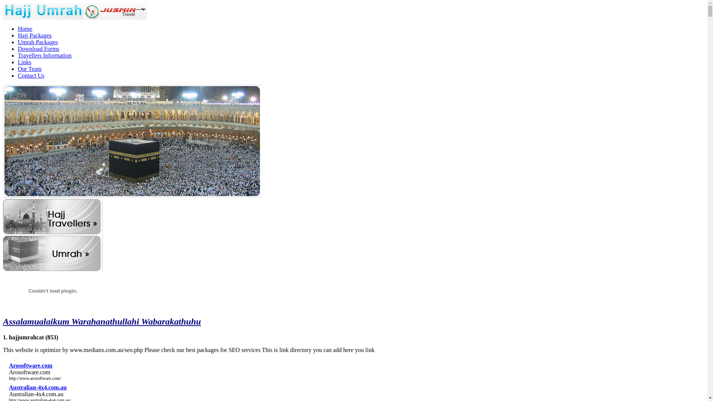 This screenshot has width=713, height=401. I want to click on 'Contact Us', so click(30, 75).